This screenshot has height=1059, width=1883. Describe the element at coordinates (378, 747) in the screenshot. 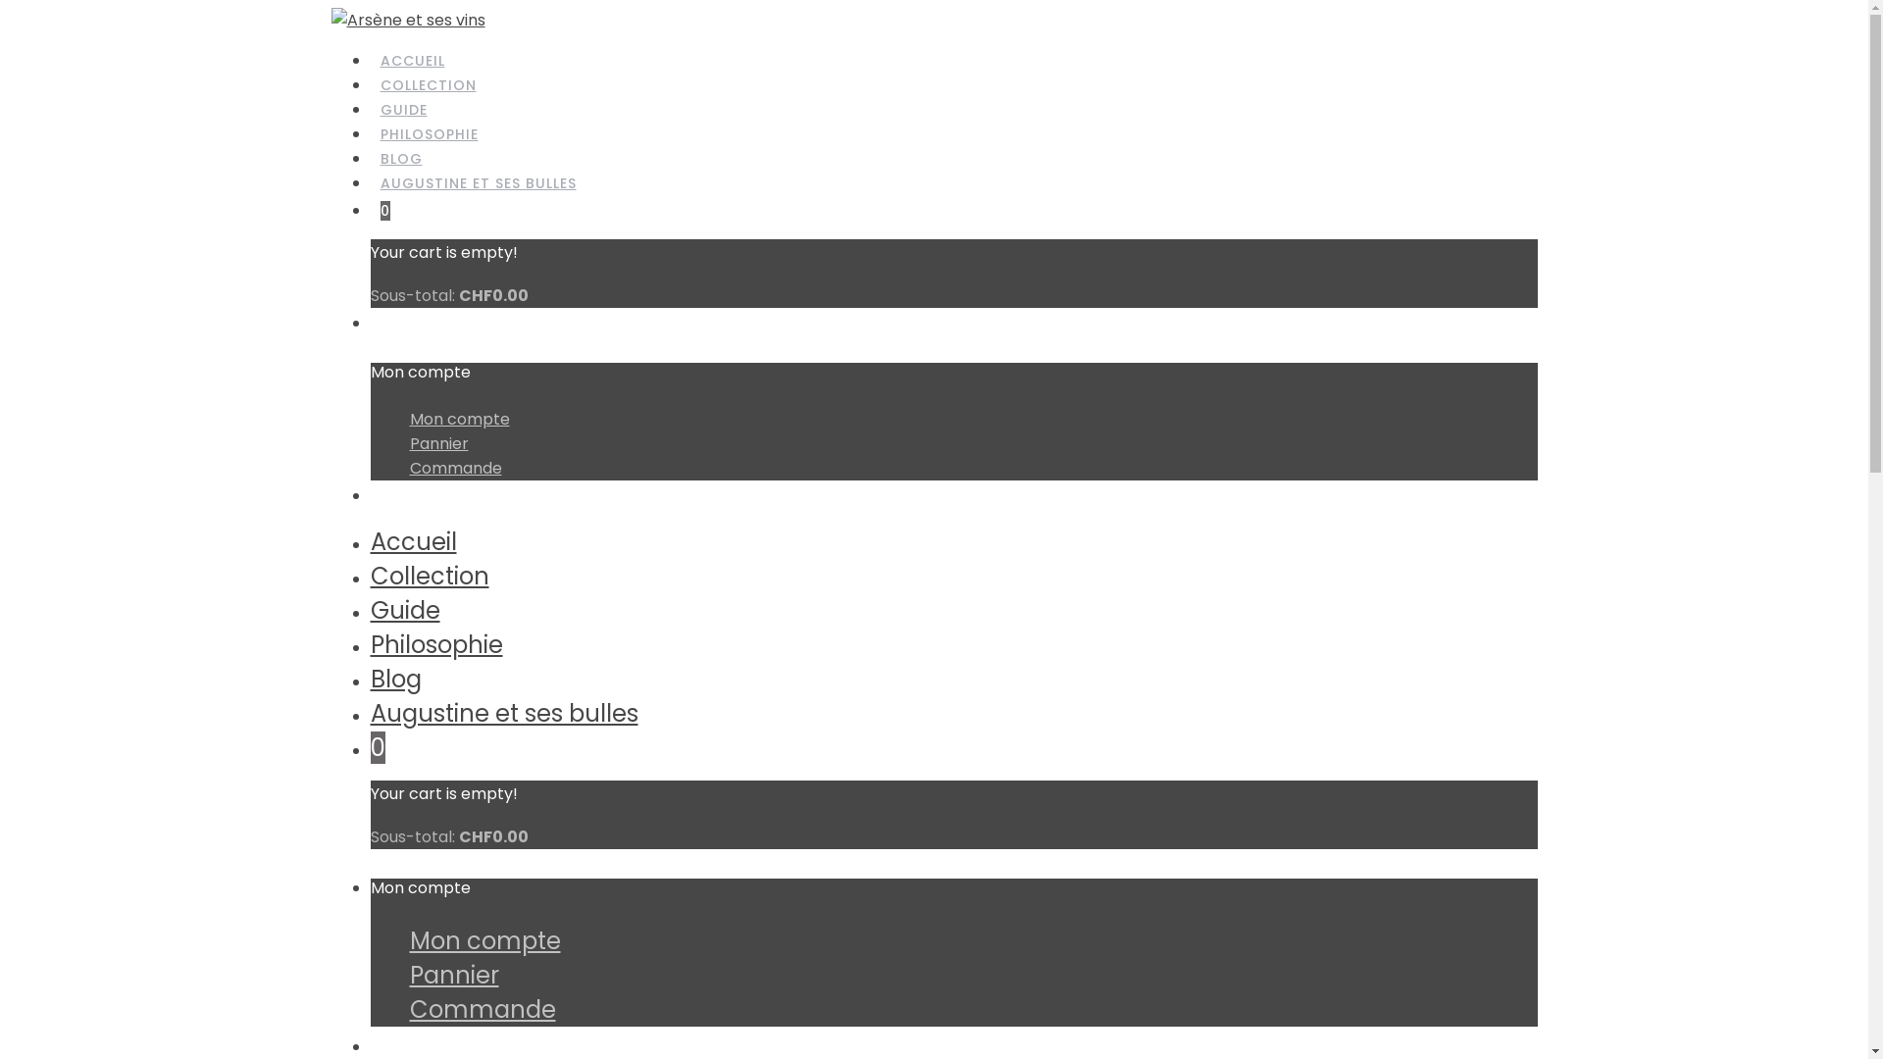

I see `'0'` at that location.